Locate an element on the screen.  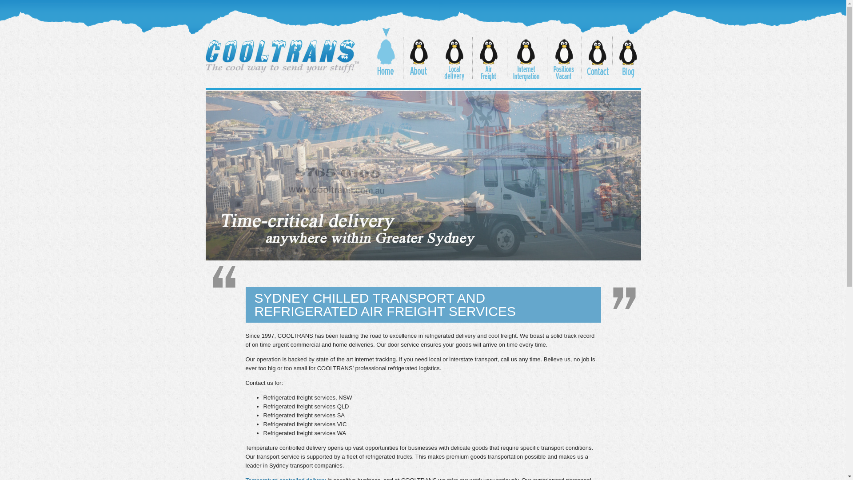
'Blog' is located at coordinates (626, 55).